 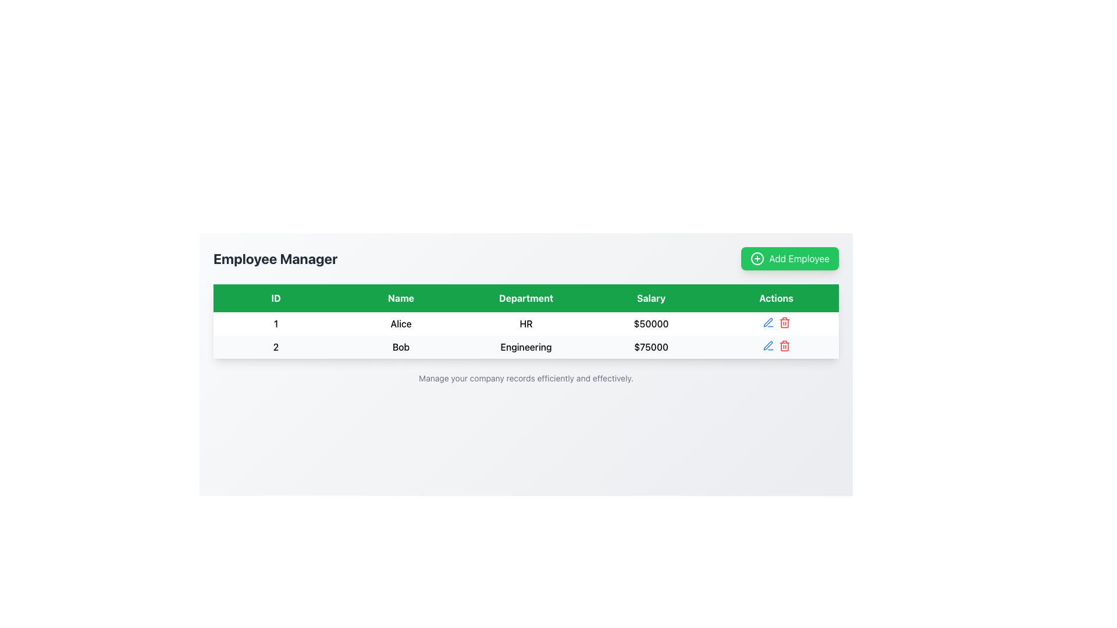 I want to click on the delete icon button located in the second row under the Actions column of the employees table, so click(x=784, y=323).